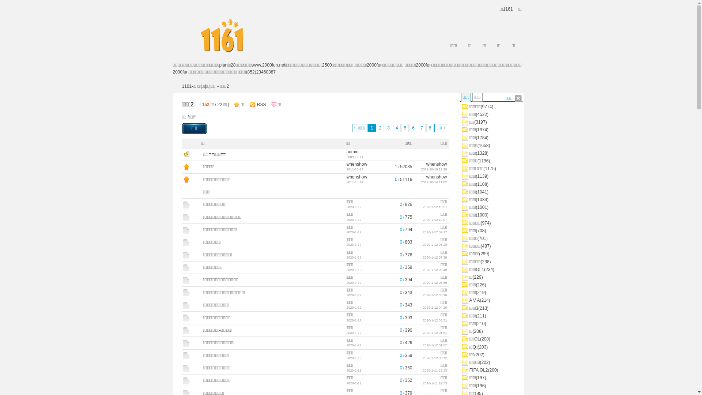 The width and height of the screenshot is (702, 395). I want to click on 'www.2000fun.net', so click(268, 64).